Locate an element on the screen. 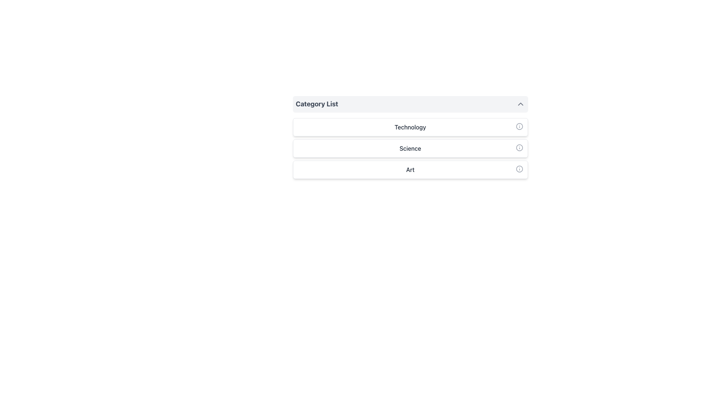 This screenshot has height=396, width=705. SVG Circle element located to the right of the 'Art' category label in the UI is located at coordinates (519, 169).